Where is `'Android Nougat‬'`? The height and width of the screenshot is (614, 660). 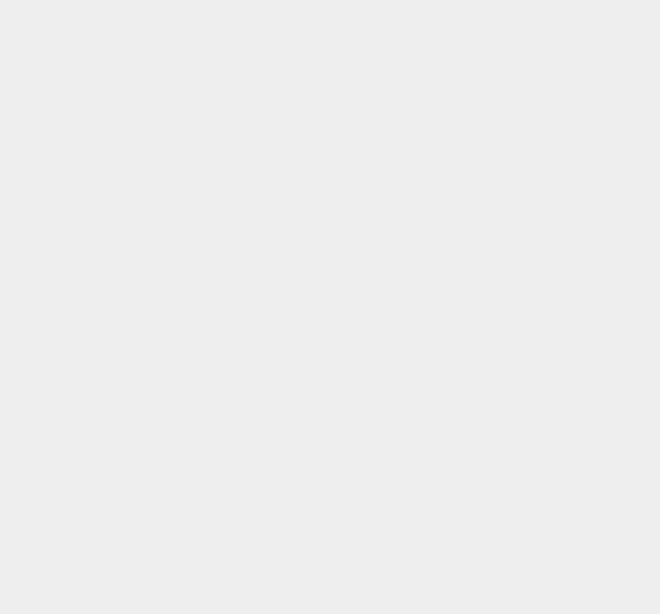 'Android Nougat‬' is located at coordinates (494, 270).